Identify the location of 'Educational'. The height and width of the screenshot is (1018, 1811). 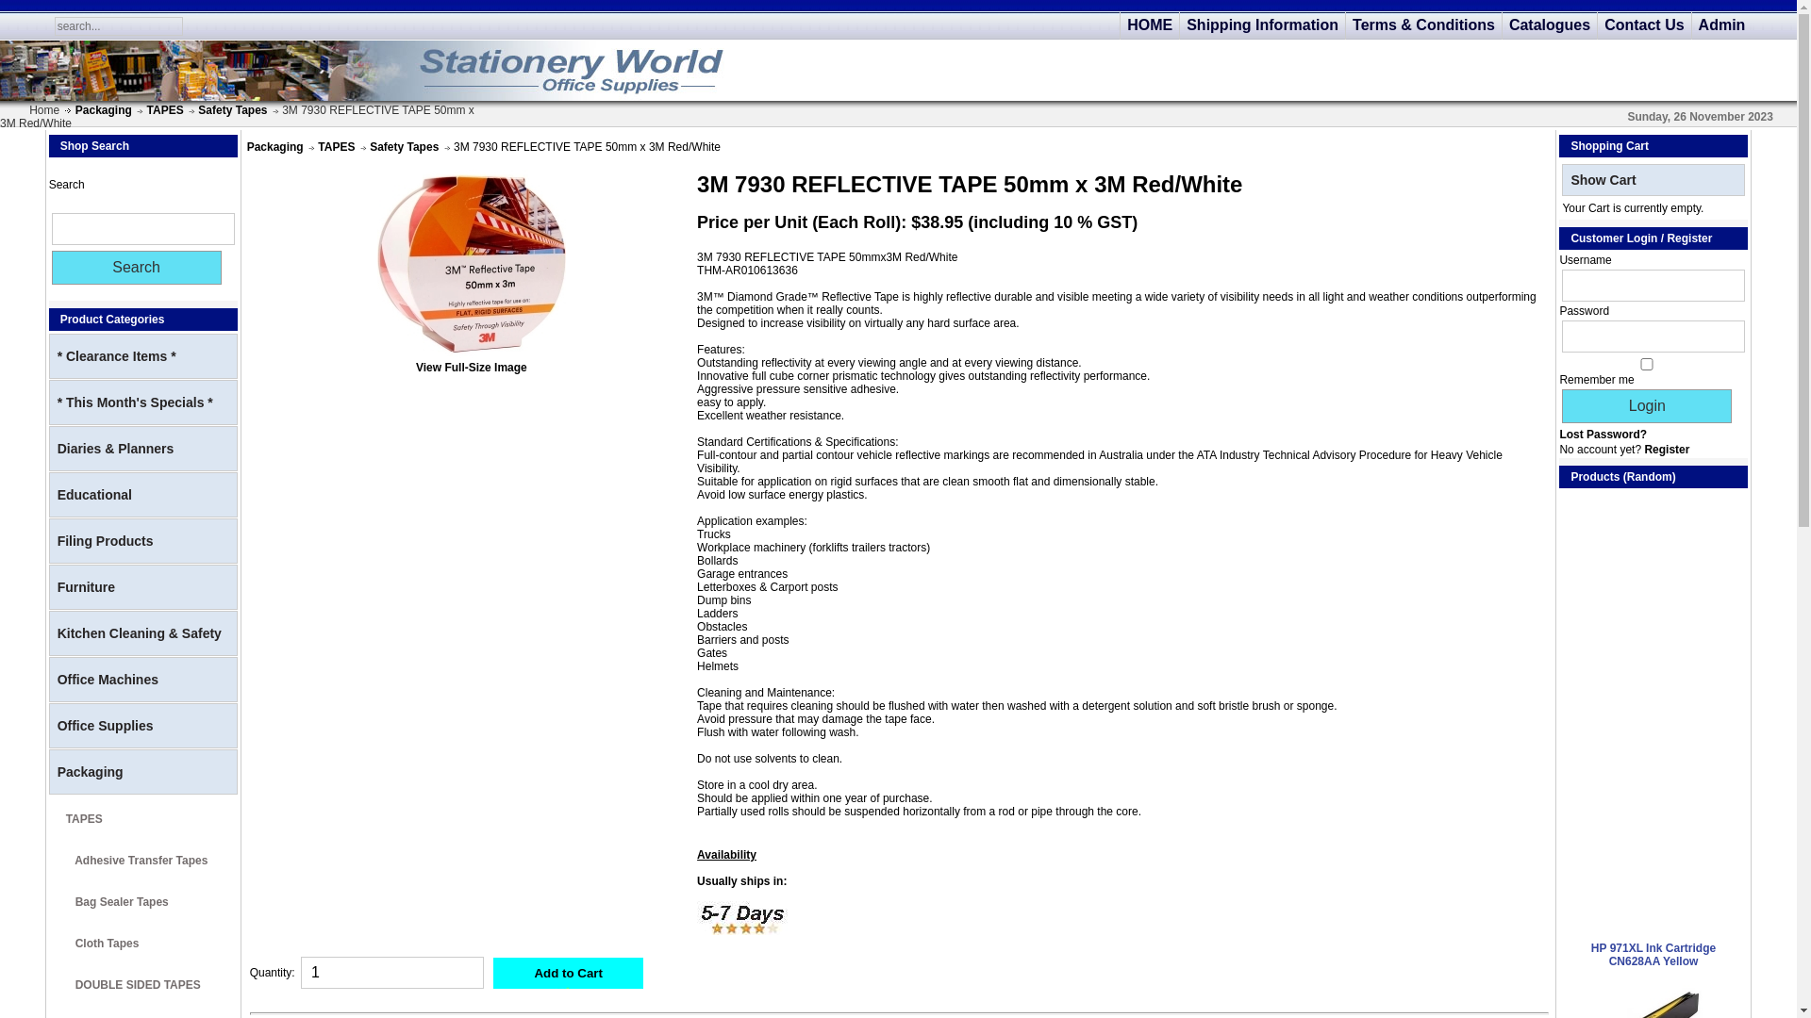
(142, 493).